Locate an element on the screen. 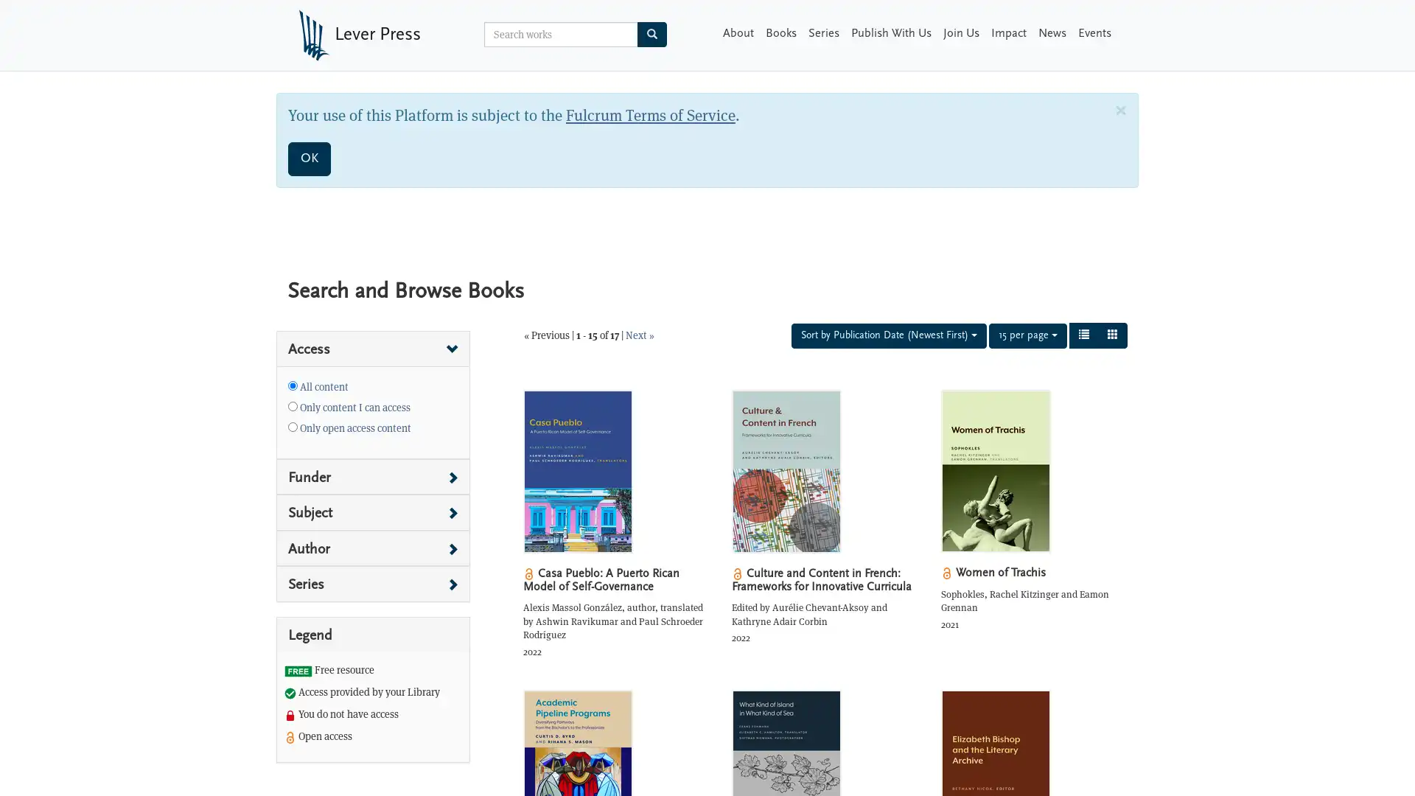 Image resolution: width=1415 pixels, height=796 pixels. 15 per page is located at coordinates (1027, 335).